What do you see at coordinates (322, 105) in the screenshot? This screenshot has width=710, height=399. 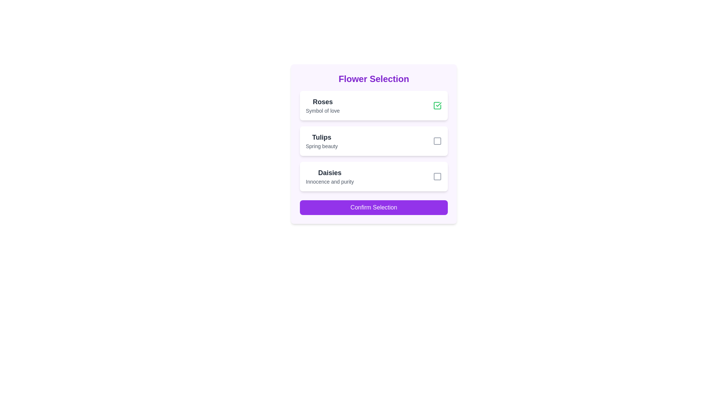 I see `informational text block titled 'Roses' with the subtitle 'Symbol of love', which is the first option in the 'Flower Selection' interface` at bounding box center [322, 105].